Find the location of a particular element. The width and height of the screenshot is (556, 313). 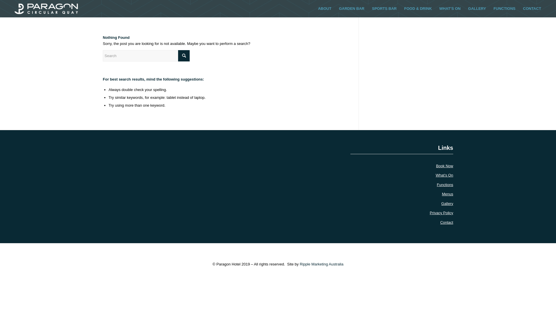

'Book Now' is located at coordinates (436, 166).